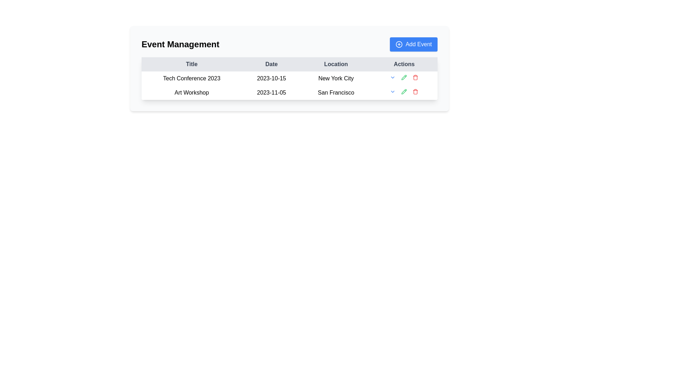 This screenshot has height=384, width=683. Describe the element at coordinates (290, 92) in the screenshot. I see `the second row of the table containing 'Art Workshop', '2023-11-05', and 'San Francisco'` at that location.